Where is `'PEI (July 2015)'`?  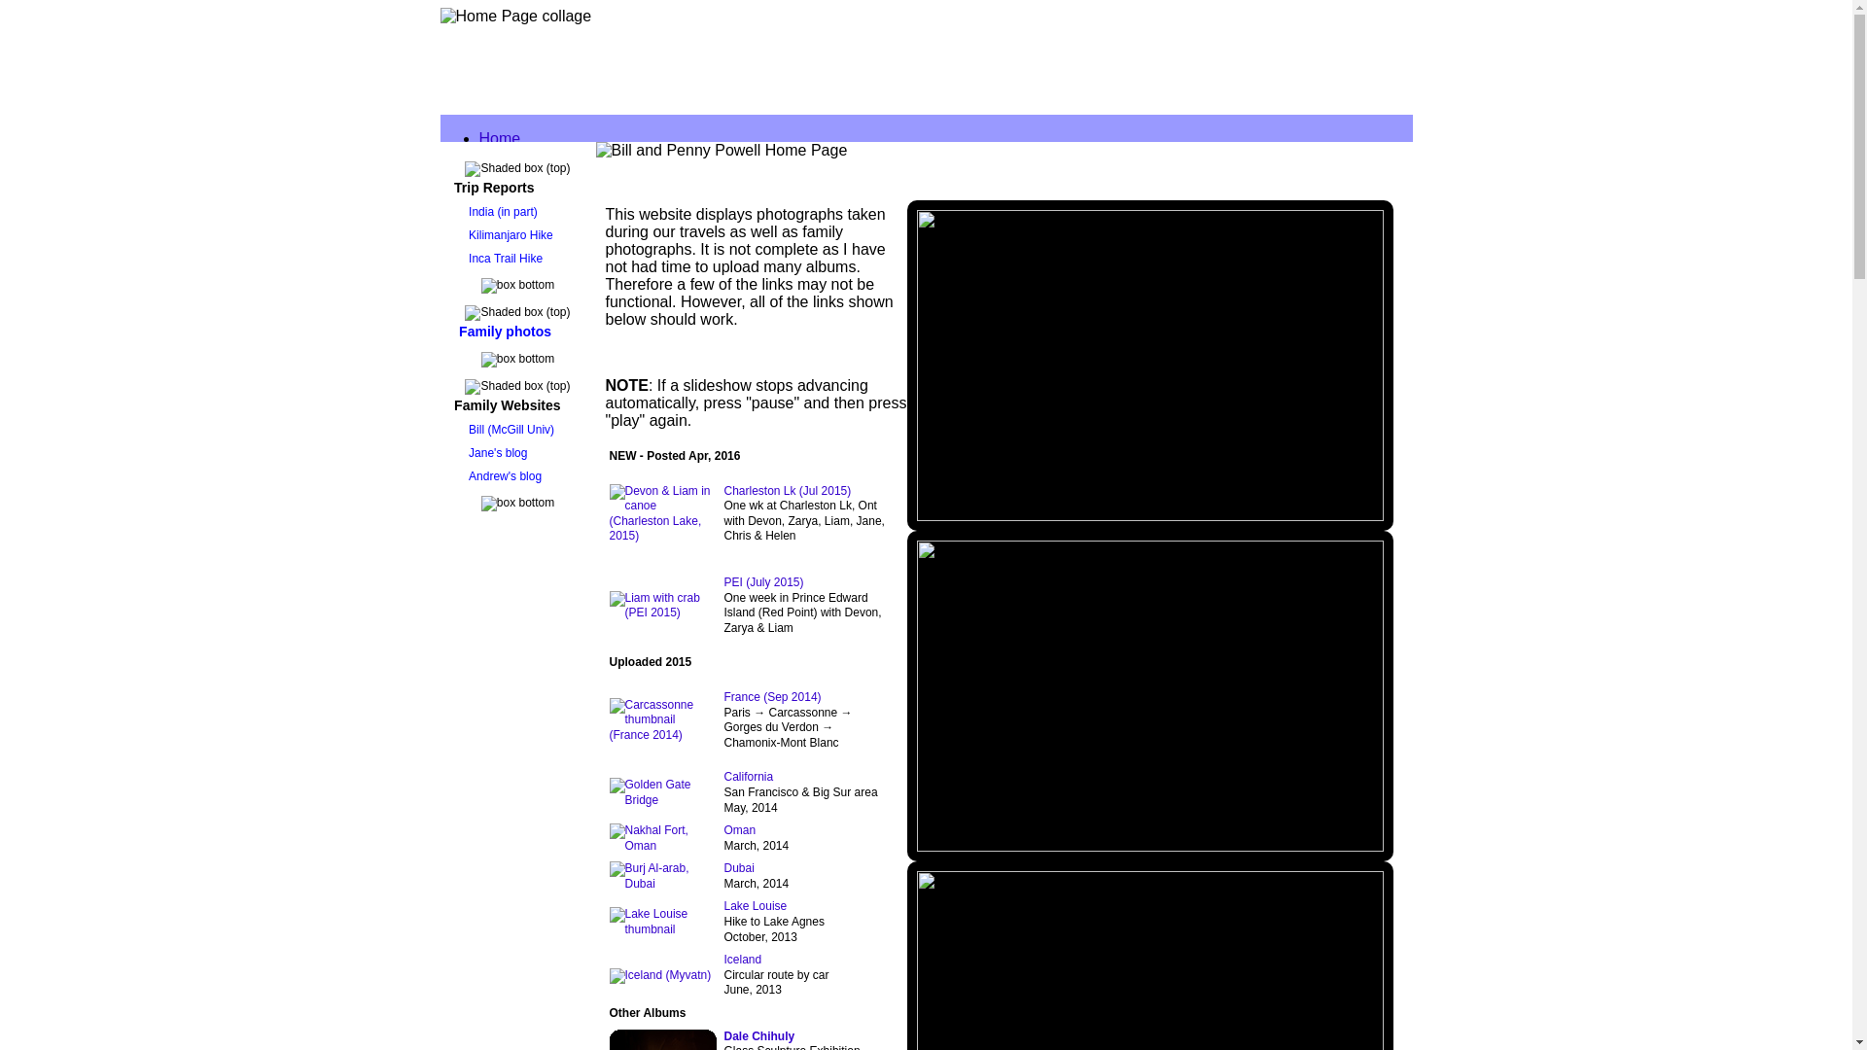 'PEI (July 2015)' is located at coordinates (722, 580).